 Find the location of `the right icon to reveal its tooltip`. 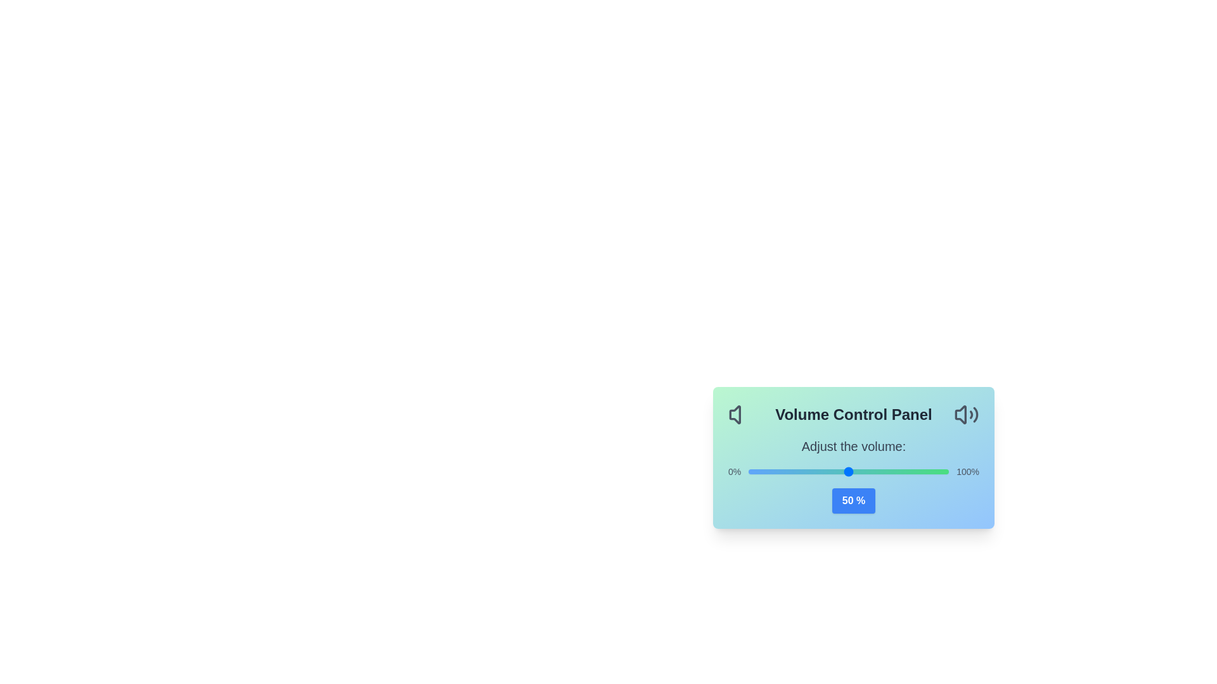

the right icon to reveal its tooltip is located at coordinates (966, 415).